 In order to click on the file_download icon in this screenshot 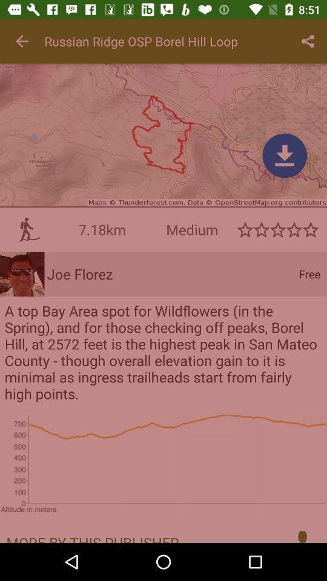, I will do `click(285, 155)`.